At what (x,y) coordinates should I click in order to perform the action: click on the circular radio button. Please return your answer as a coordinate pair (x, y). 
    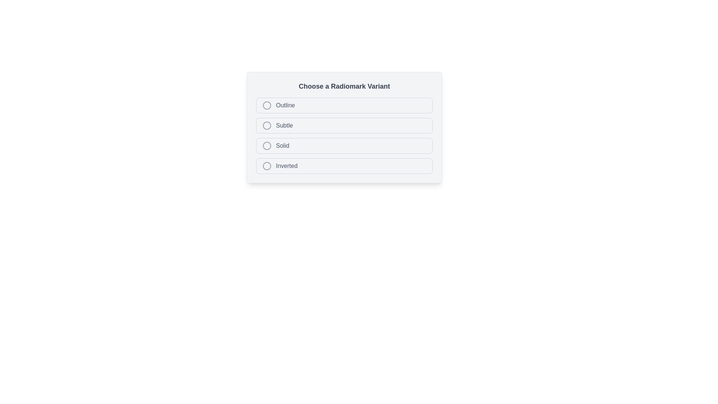
    Looking at the image, I should click on (267, 165).